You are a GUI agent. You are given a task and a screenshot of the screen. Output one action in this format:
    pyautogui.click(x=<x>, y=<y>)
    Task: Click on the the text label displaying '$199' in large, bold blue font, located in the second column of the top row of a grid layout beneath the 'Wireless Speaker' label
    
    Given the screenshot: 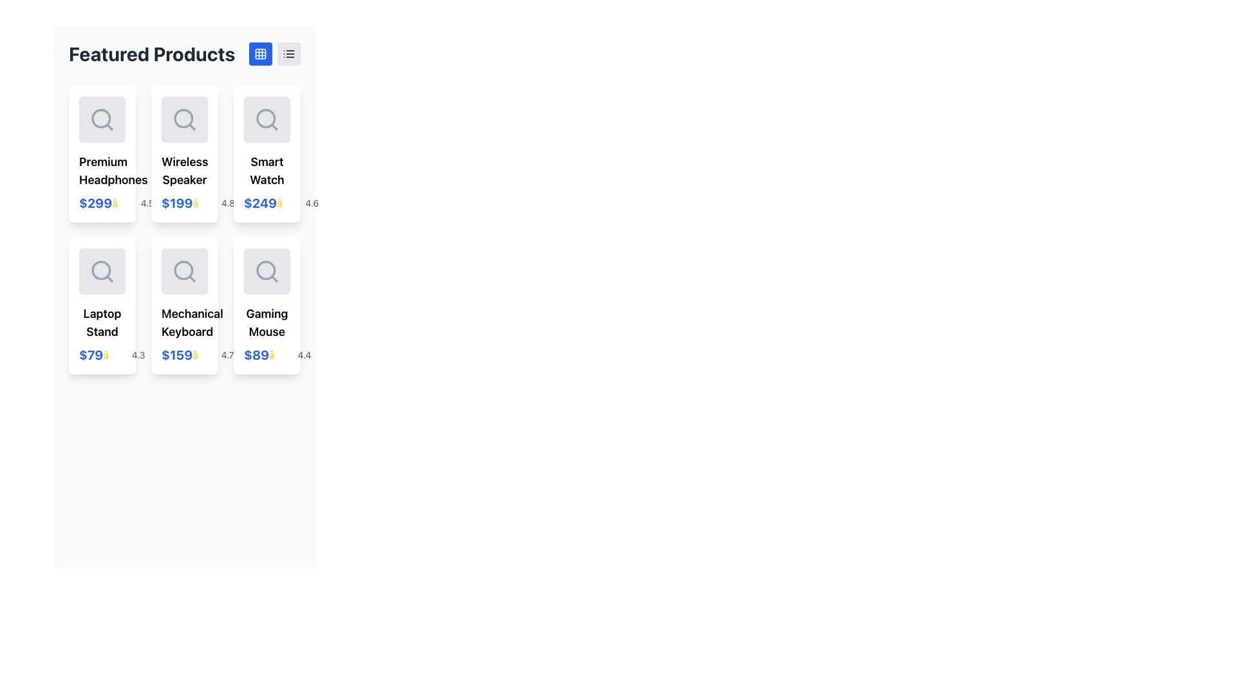 What is the action you would take?
    pyautogui.click(x=176, y=203)
    